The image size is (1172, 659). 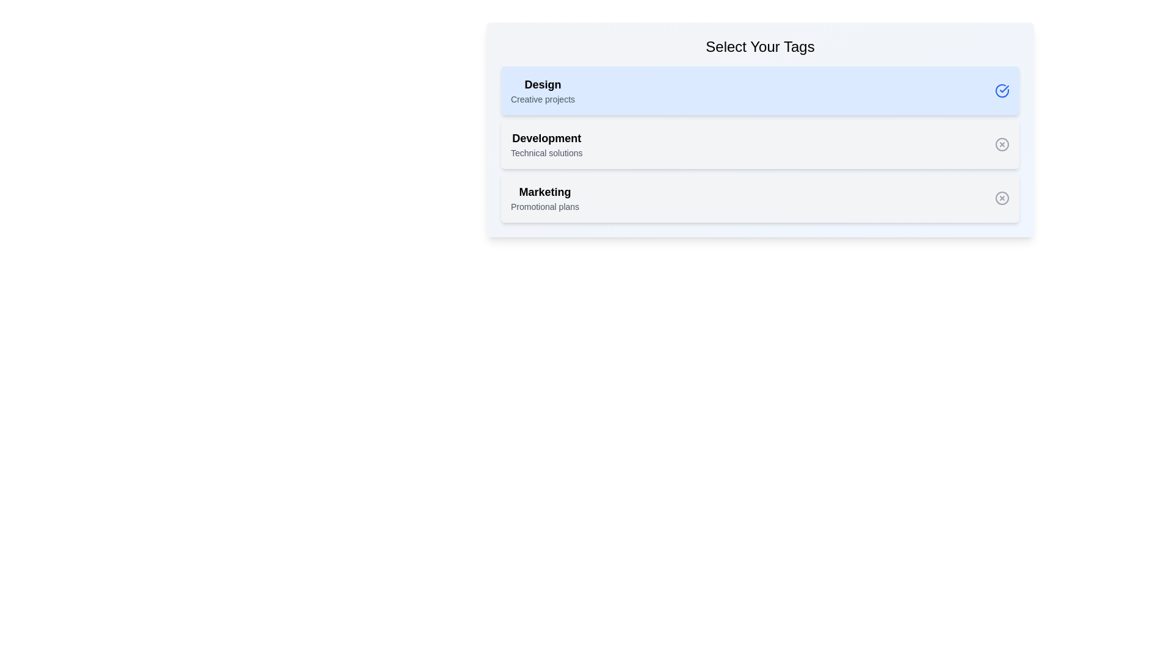 I want to click on the tag with the name Marketing, so click(x=544, y=197).